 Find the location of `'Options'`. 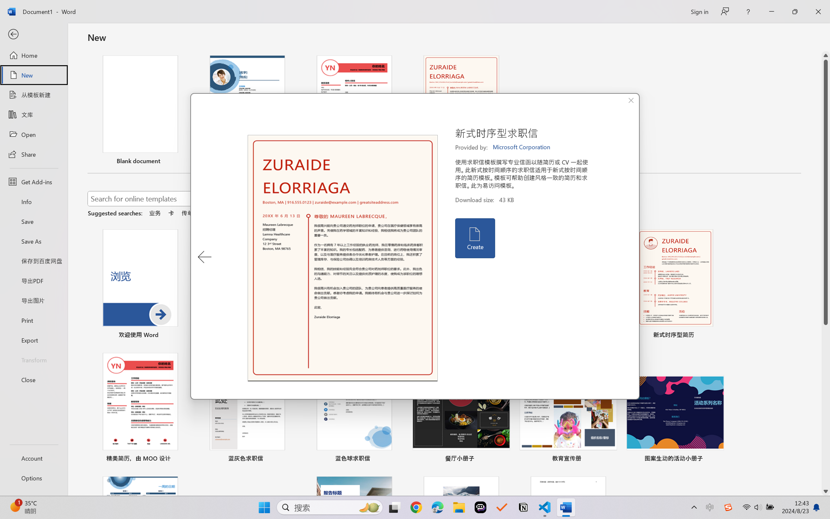

'Options' is located at coordinates (33, 477).